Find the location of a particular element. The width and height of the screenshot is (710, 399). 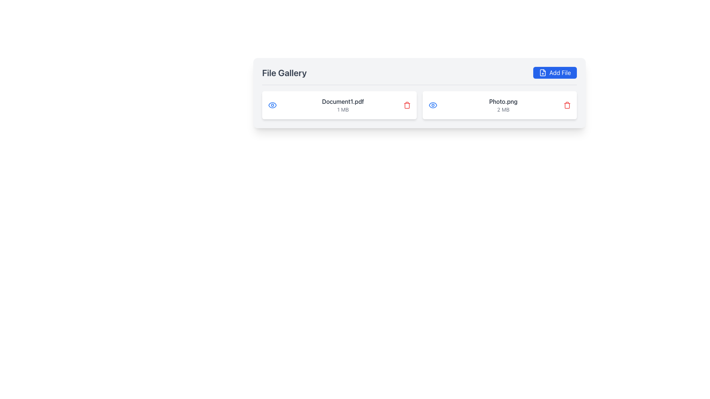

the delete icon associated with the file 'Document1.pdf' located in the bottom right corner of the item card is located at coordinates (406, 106).